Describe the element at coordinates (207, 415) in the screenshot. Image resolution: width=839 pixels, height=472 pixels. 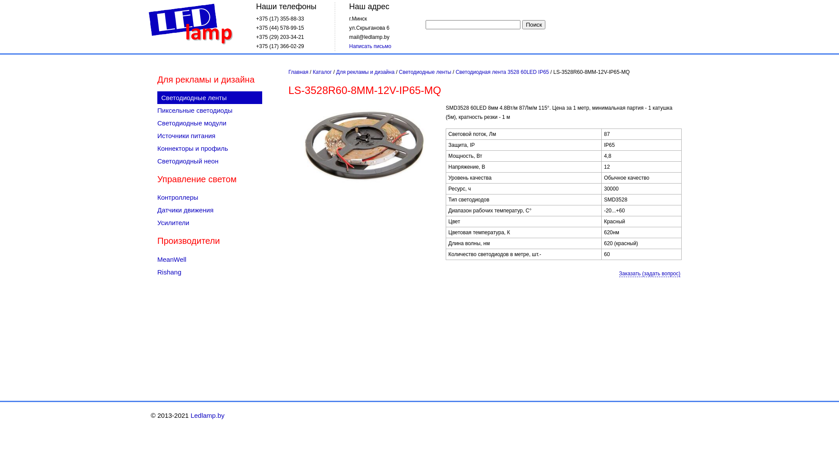
I see `'Ledlamp.by'` at that location.